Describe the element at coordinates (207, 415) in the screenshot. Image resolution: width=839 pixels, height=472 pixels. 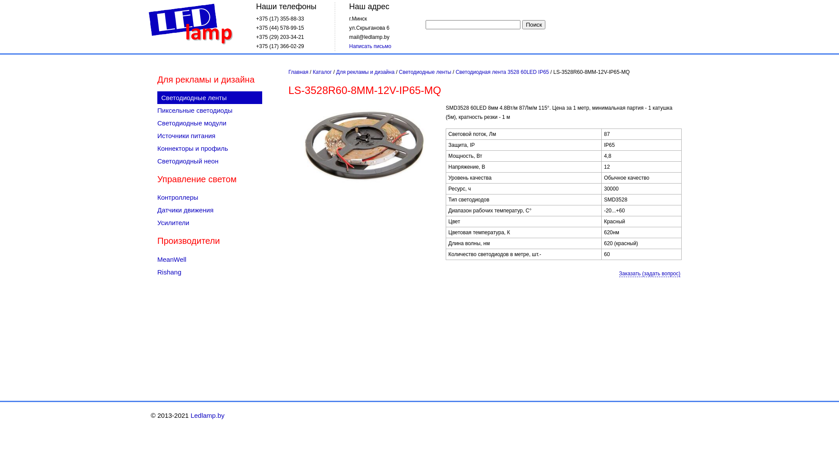
I see `'Ledlamp.by'` at that location.